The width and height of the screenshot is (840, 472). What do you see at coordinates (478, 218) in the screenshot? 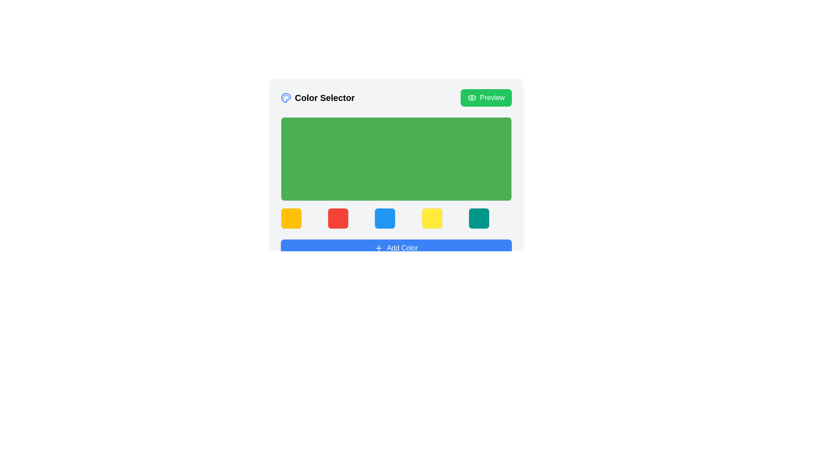
I see `the fifth button in the color selector` at bounding box center [478, 218].